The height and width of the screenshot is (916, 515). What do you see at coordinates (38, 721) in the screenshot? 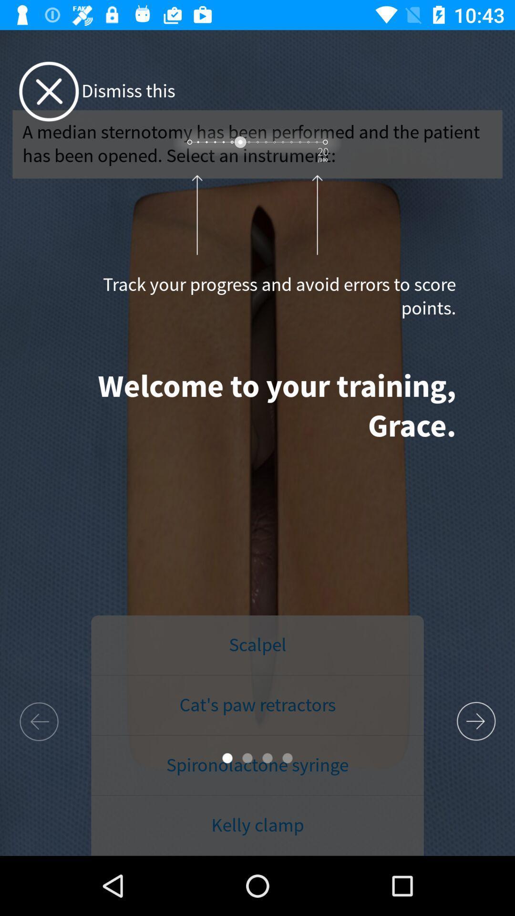
I see `the arrow_backward icon` at bounding box center [38, 721].